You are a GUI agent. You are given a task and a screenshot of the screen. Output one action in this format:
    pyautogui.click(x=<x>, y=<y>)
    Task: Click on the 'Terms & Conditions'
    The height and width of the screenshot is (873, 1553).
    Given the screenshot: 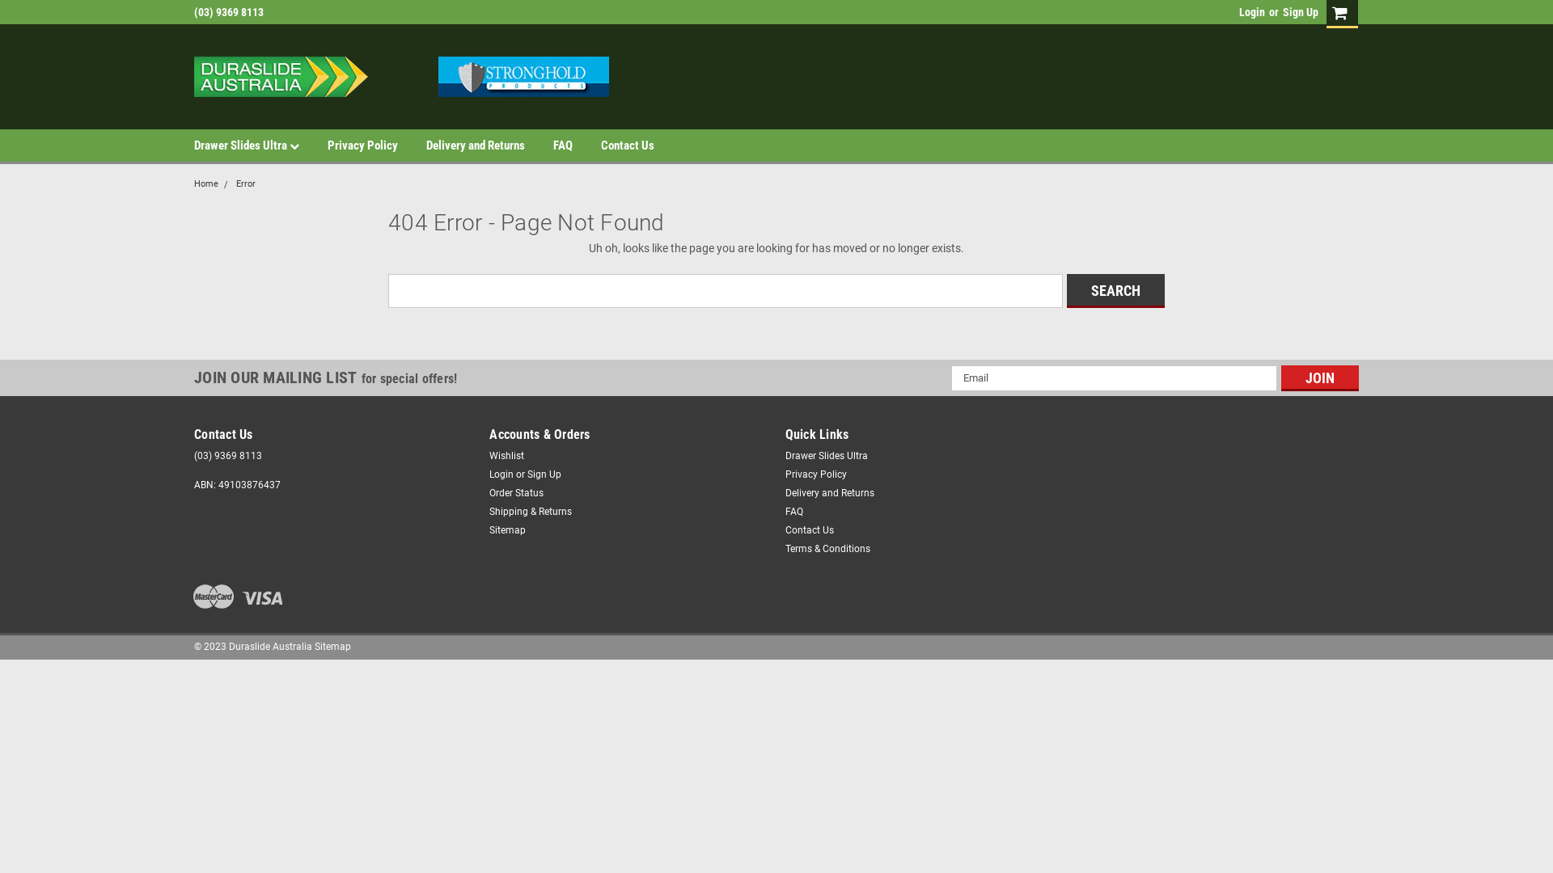 What is the action you would take?
    pyautogui.click(x=827, y=547)
    